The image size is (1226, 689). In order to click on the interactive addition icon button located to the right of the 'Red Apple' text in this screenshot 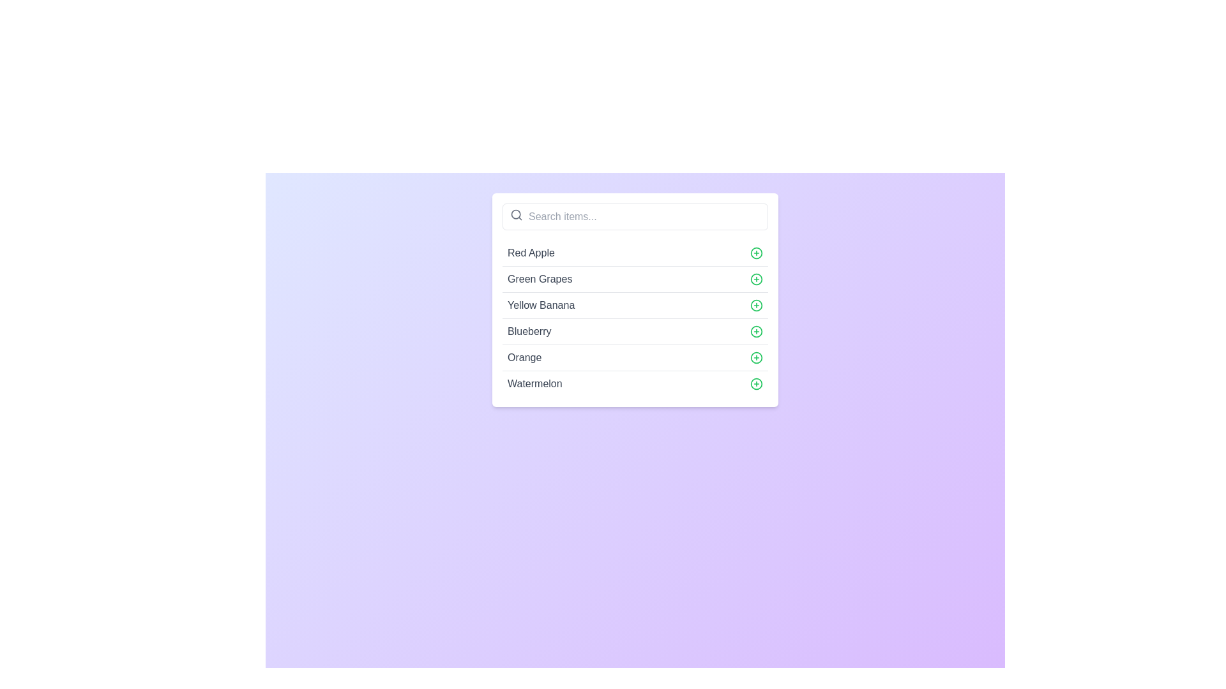, I will do `click(757, 253)`.